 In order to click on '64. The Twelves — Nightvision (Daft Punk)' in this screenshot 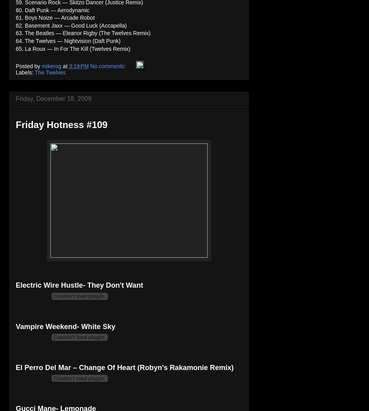, I will do `click(67, 41)`.